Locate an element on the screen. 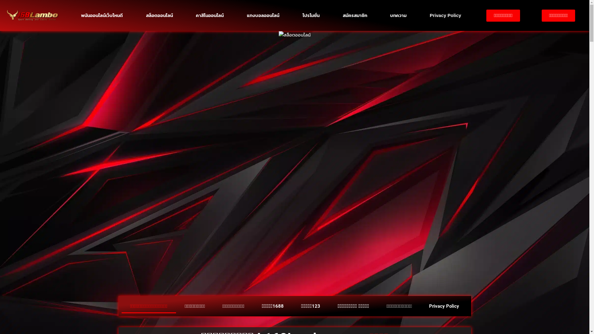 The image size is (594, 334). 'Privacy Policy' is located at coordinates (445, 15).